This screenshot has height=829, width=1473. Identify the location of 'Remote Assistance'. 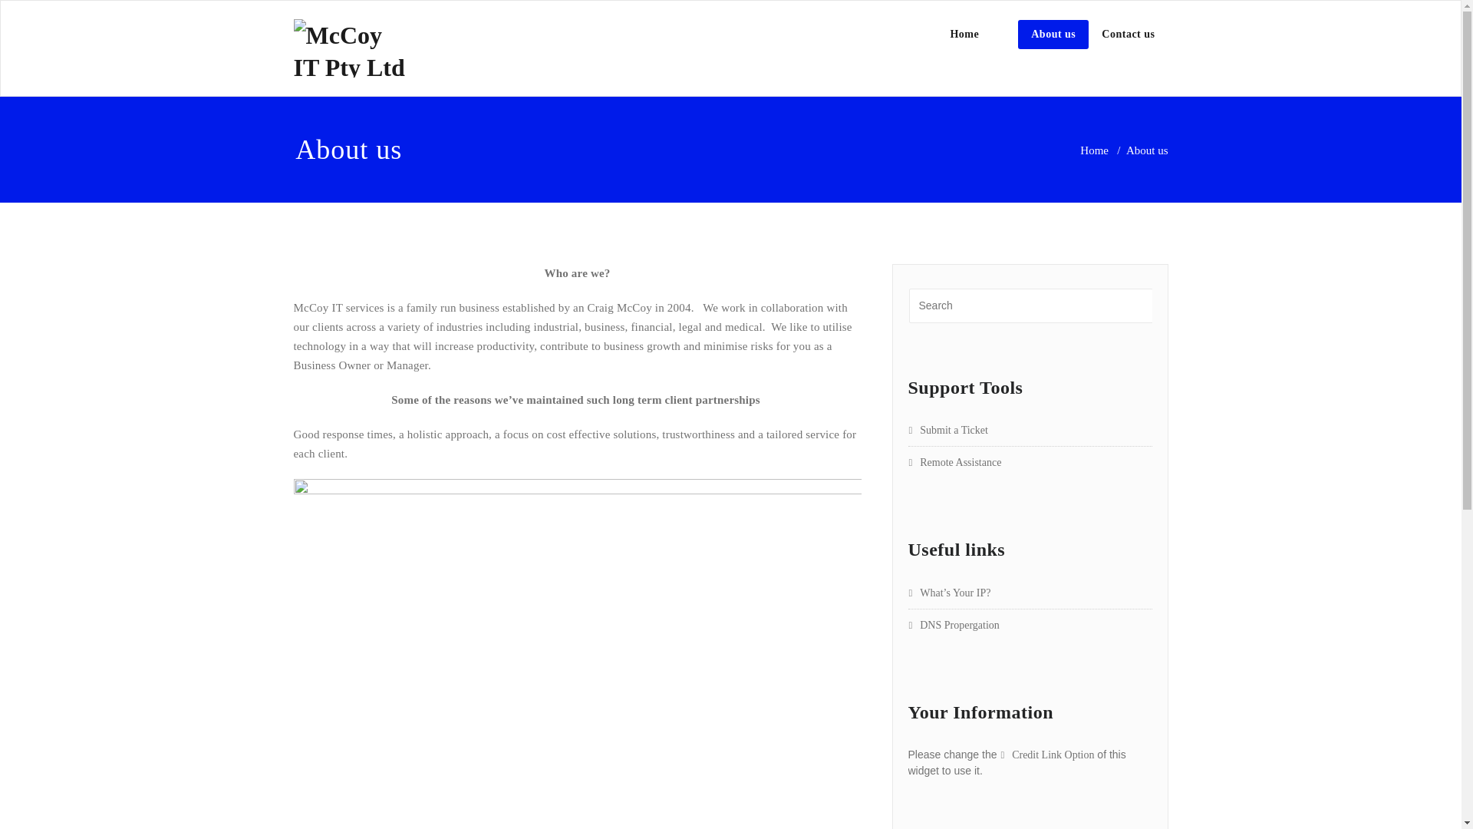
(954, 461).